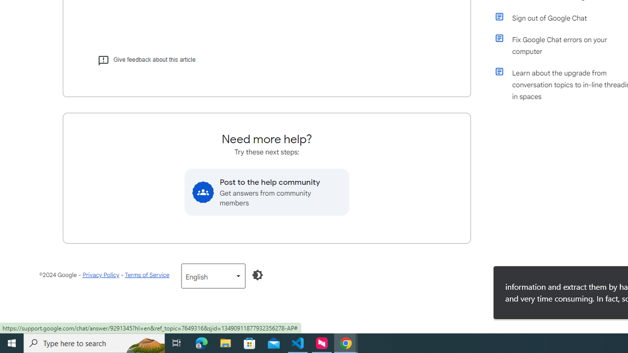  I want to click on 'Give feedback about this article', so click(146, 60).